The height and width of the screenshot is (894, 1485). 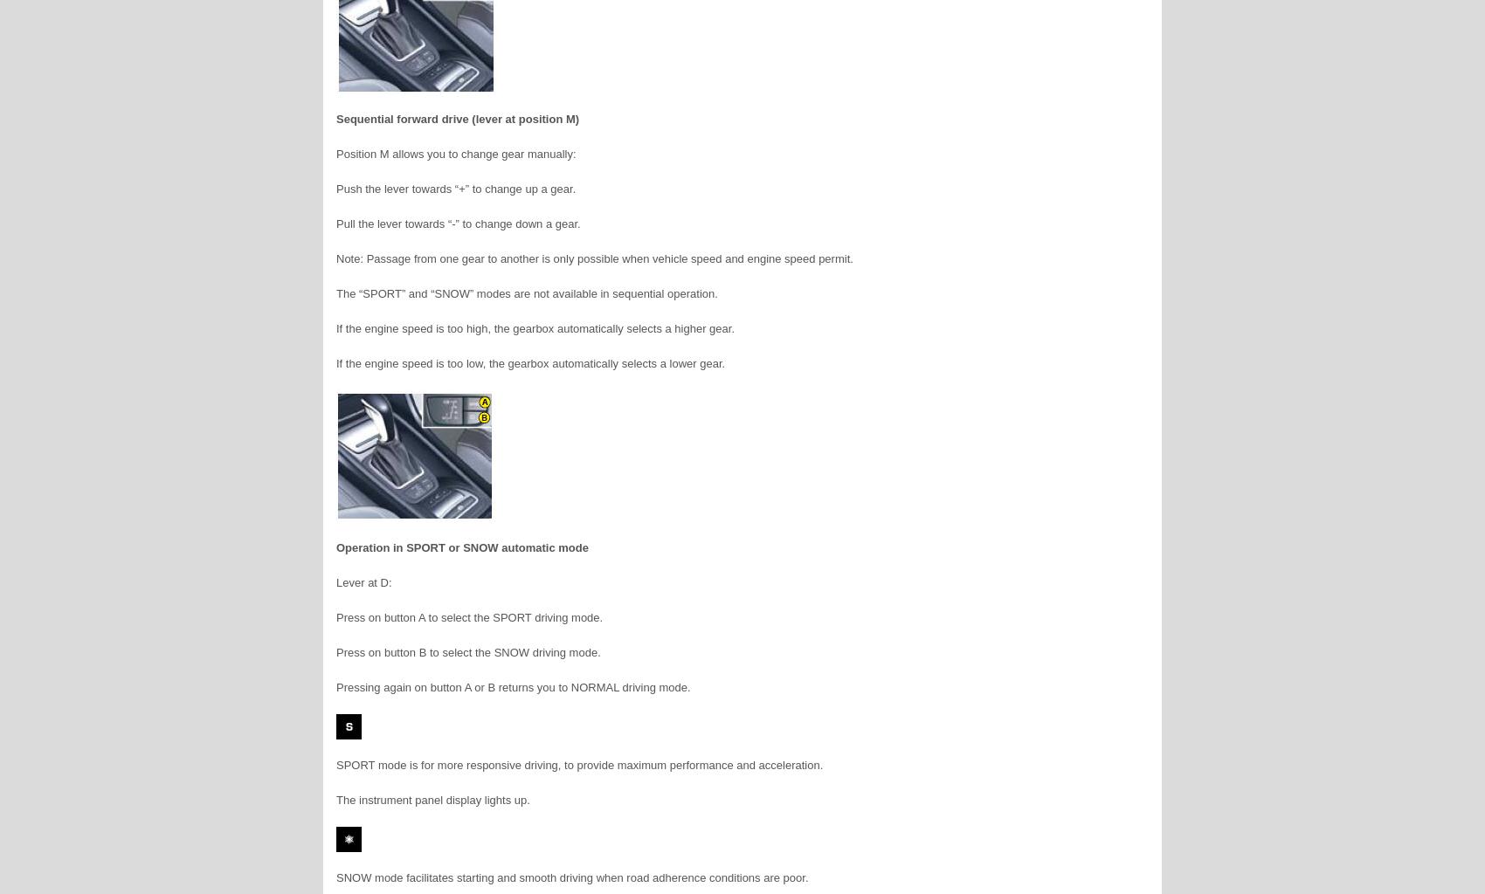 What do you see at coordinates (594, 258) in the screenshot?
I see `'Note: Passage from one gear to another is only possible when vehicle speed and 
engine speed permit.'` at bounding box center [594, 258].